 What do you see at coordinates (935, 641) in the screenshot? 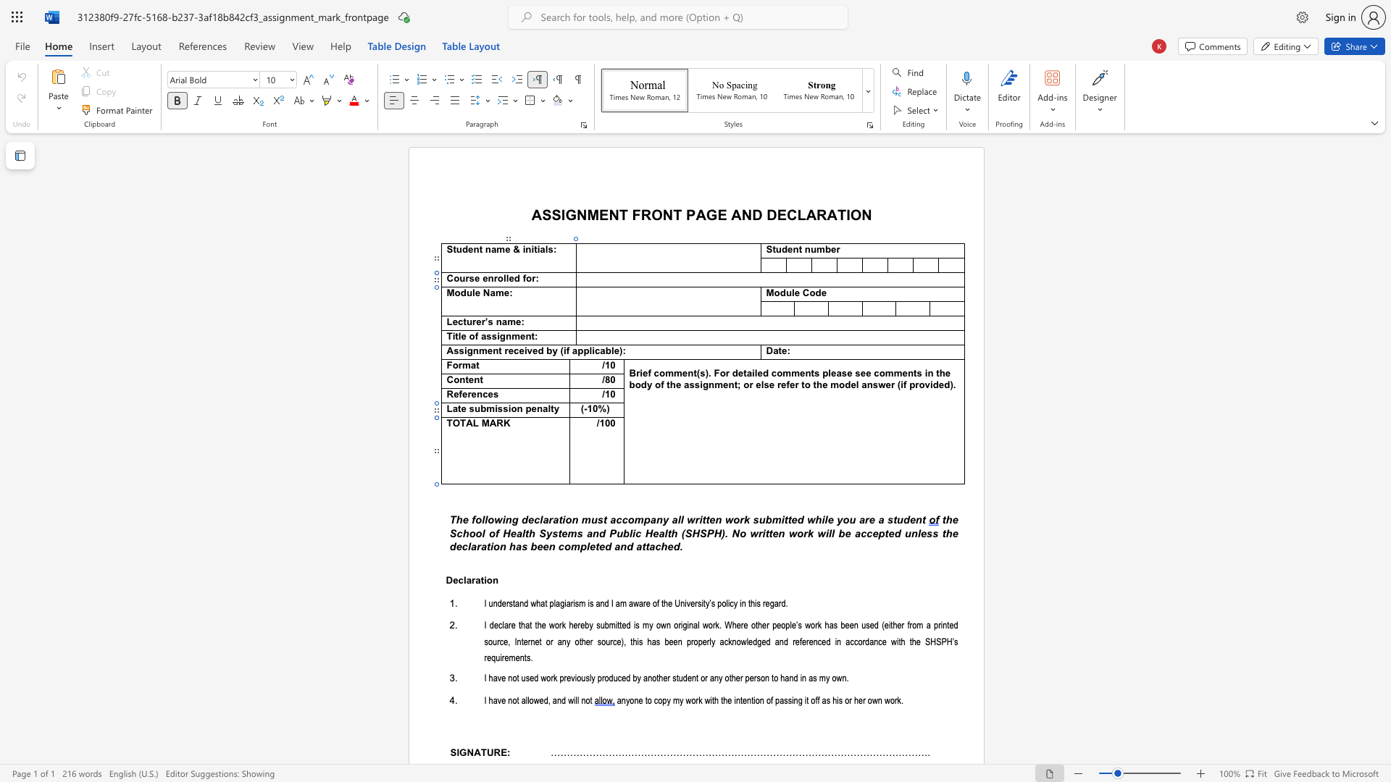
I see `the space between the continuous character "H" and "S" in the text` at bounding box center [935, 641].